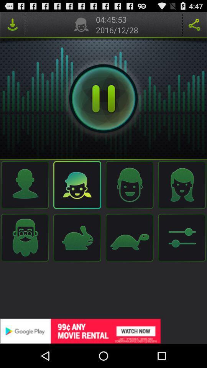  Describe the element at coordinates (12, 26) in the screenshot. I see `the file_download icon` at that location.